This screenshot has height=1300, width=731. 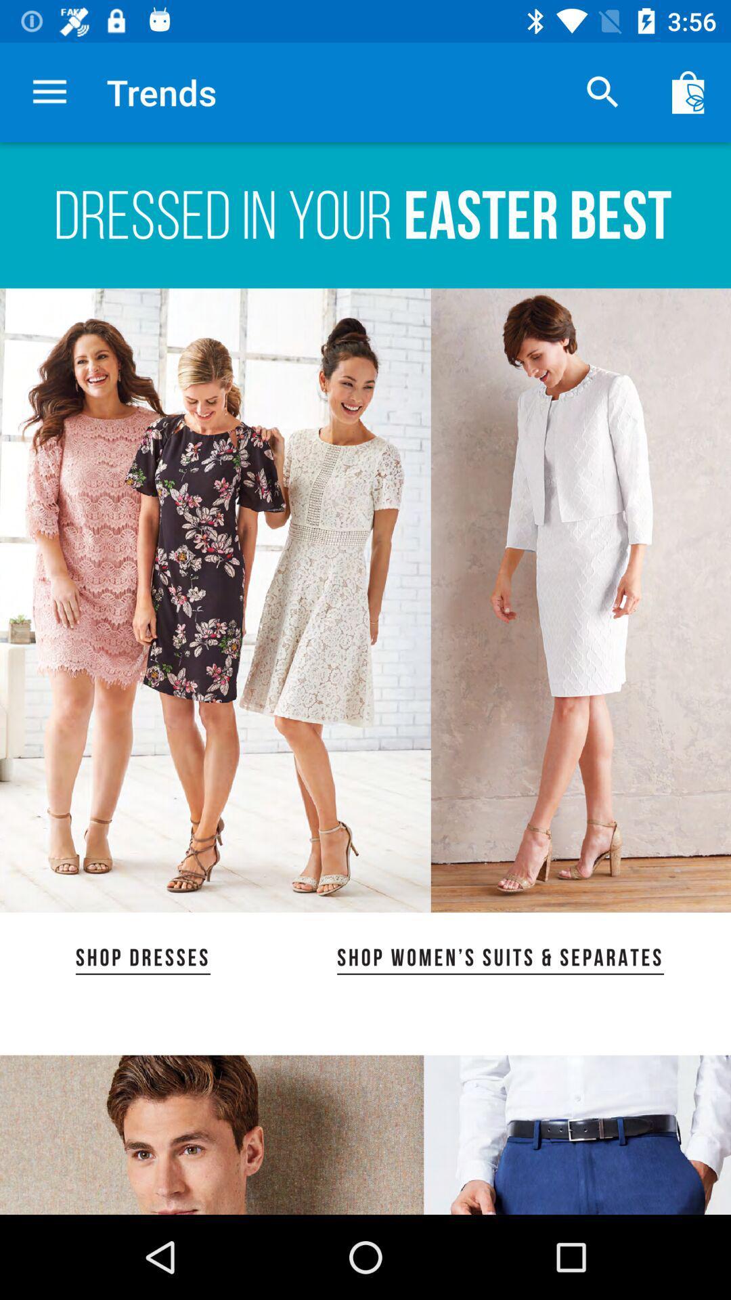 I want to click on the app next to the trends item, so click(x=49, y=91).